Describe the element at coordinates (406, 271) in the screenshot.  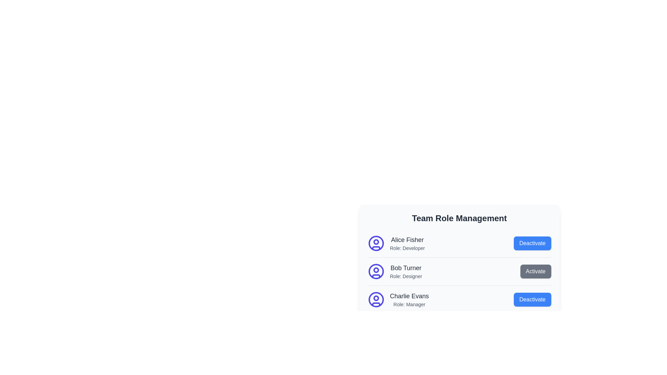
I see `text of the Text Display element showing 'Bob Turner' and 'Role: Designer', which is the second entry in the user profiles list in the 'Team Role Management' section` at that location.